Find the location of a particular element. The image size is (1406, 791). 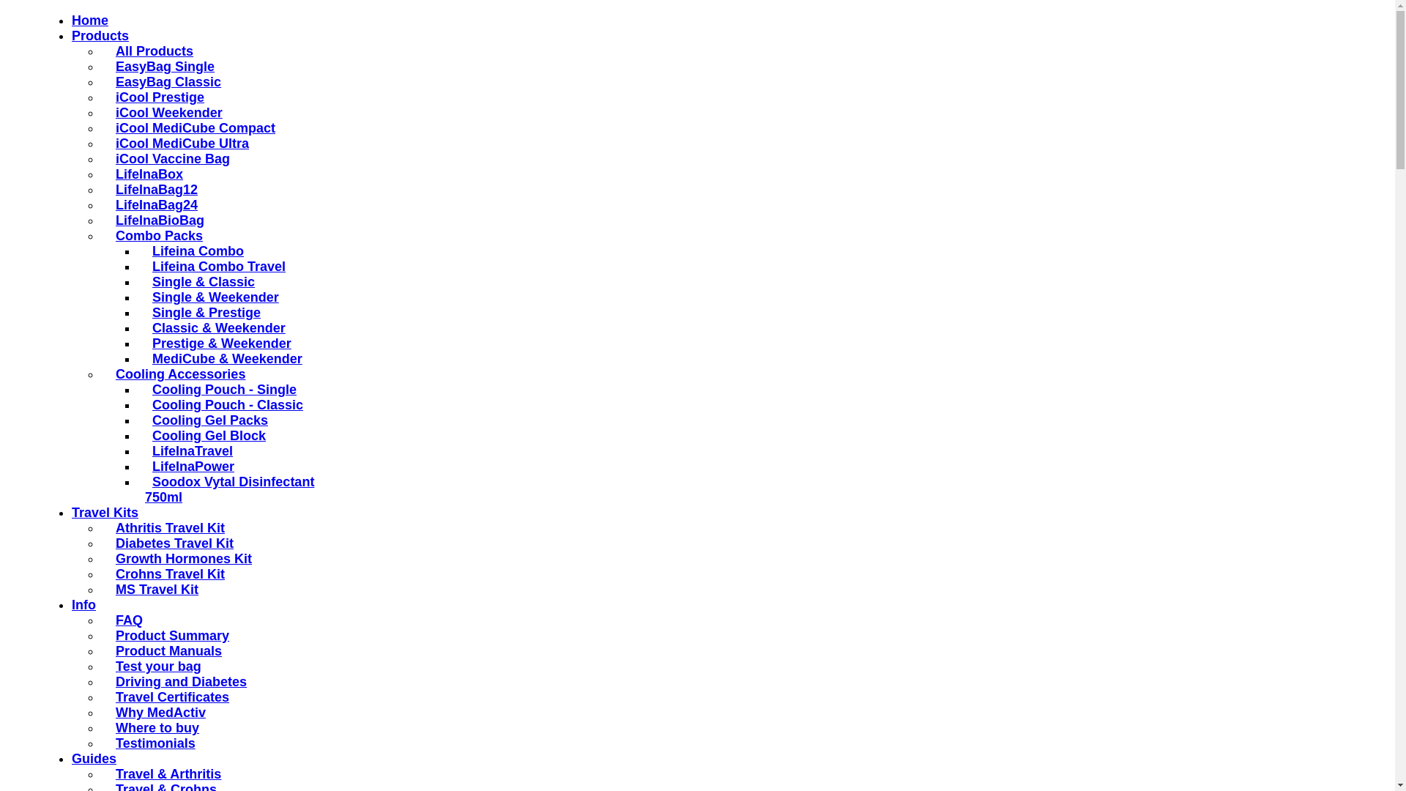

'iCool MediCube Ultra' is located at coordinates (178, 144).